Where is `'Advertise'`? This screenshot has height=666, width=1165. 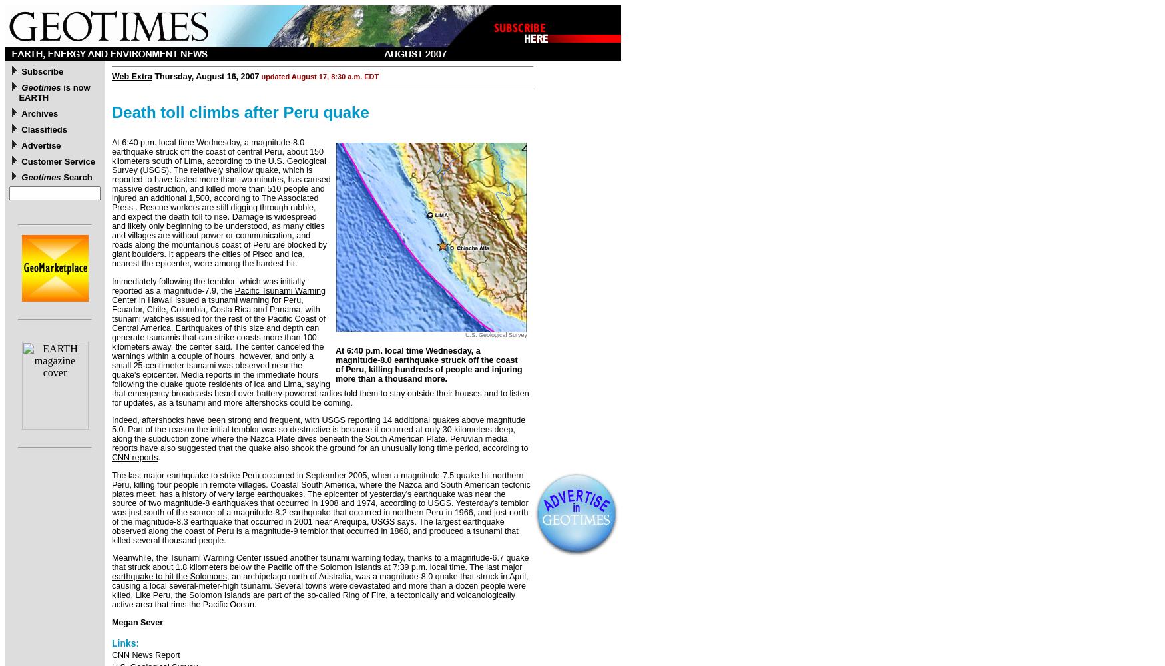
'Advertise' is located at coordinates (21, 145).